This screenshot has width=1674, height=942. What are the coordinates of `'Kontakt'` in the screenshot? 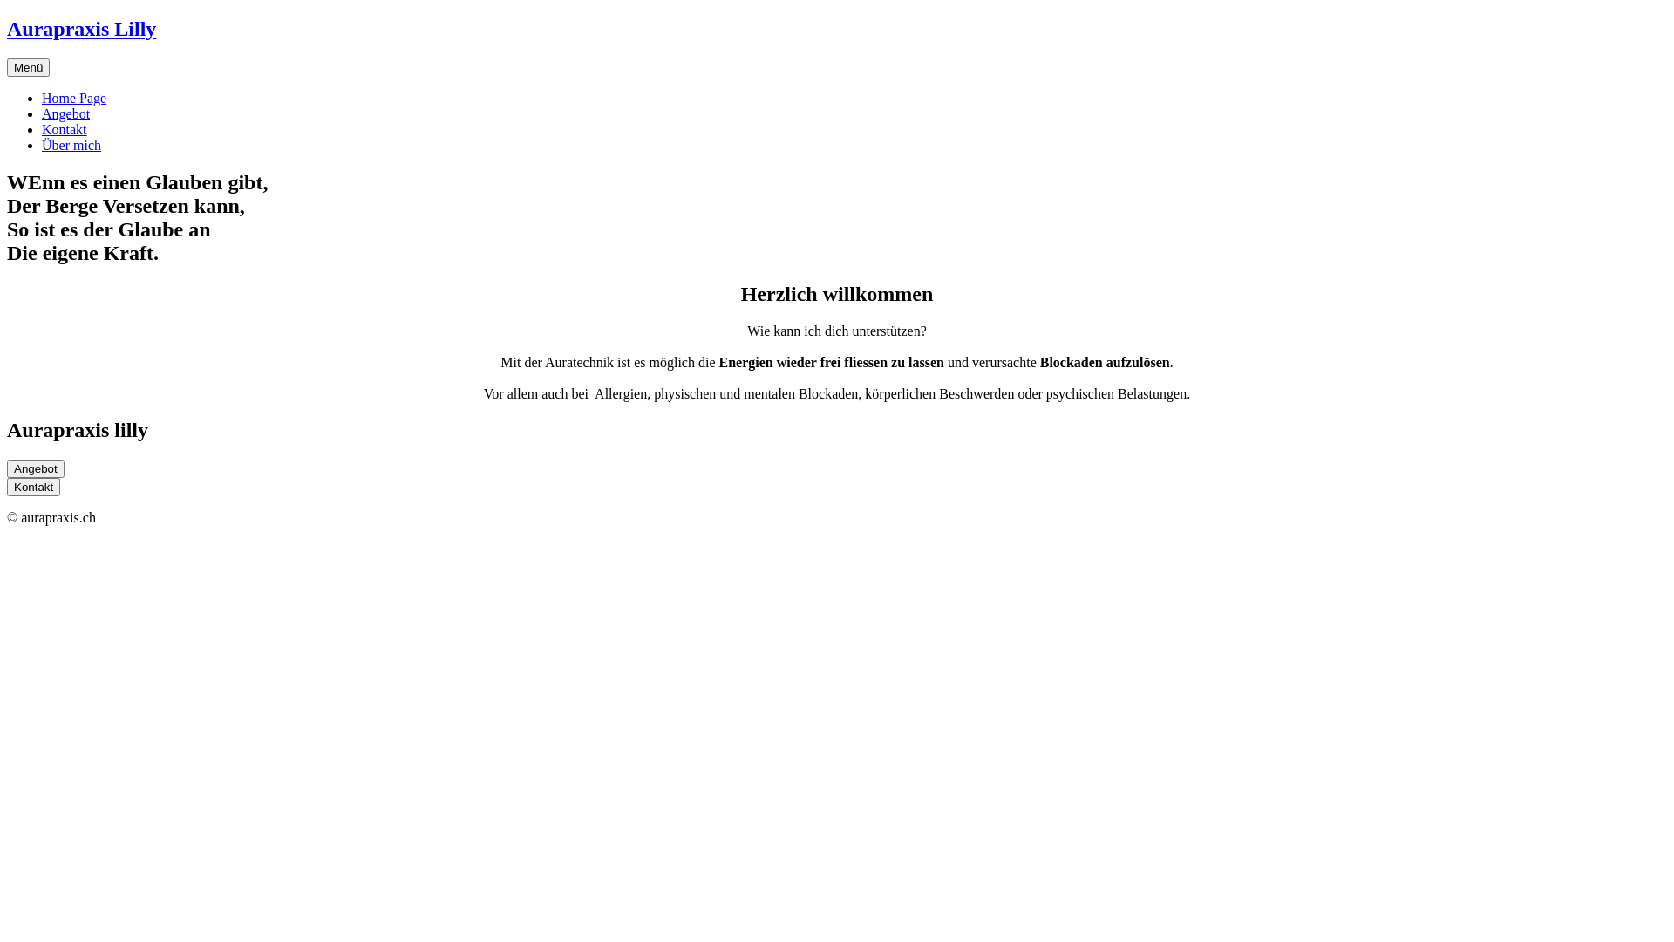 It's located at (64, 128).